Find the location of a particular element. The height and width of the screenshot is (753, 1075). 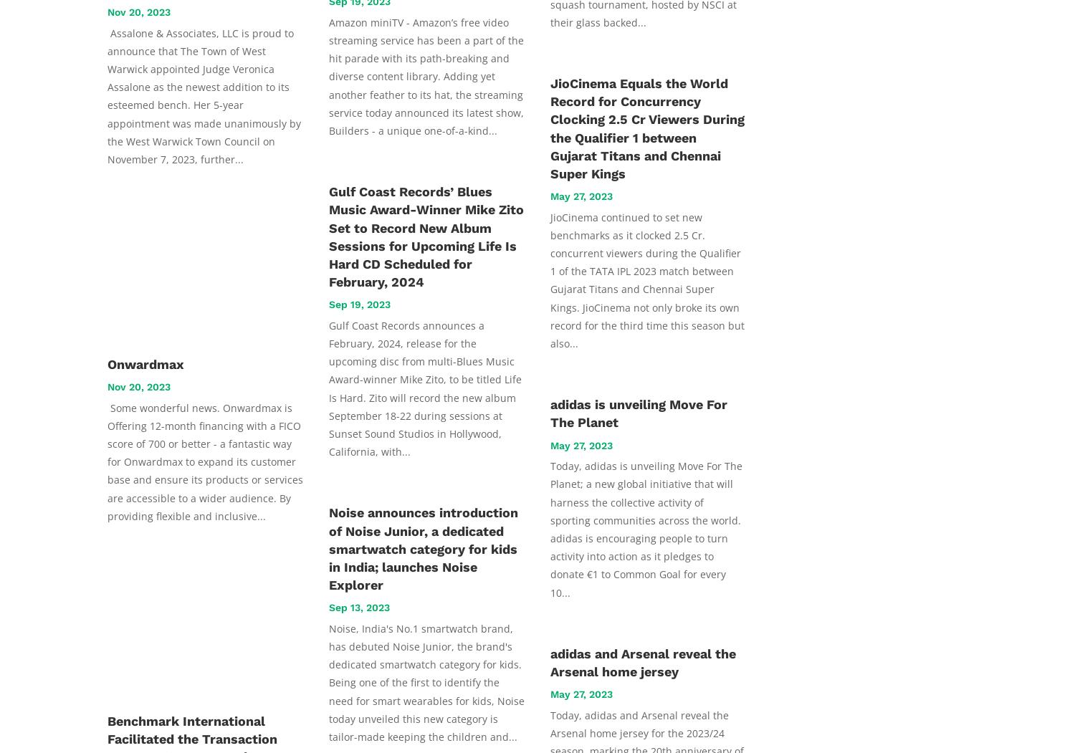

'adidas is unveiling Move For The Planet' is located at coordinates (639, 413).